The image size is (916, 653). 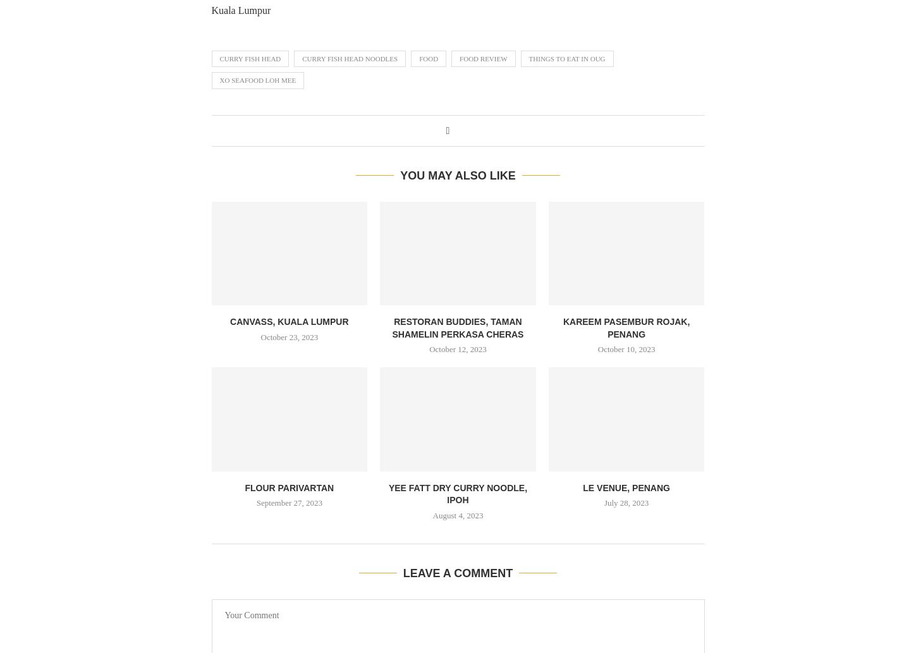 I want to click on 'Curry Fish Head', so click(x=249, y=58).